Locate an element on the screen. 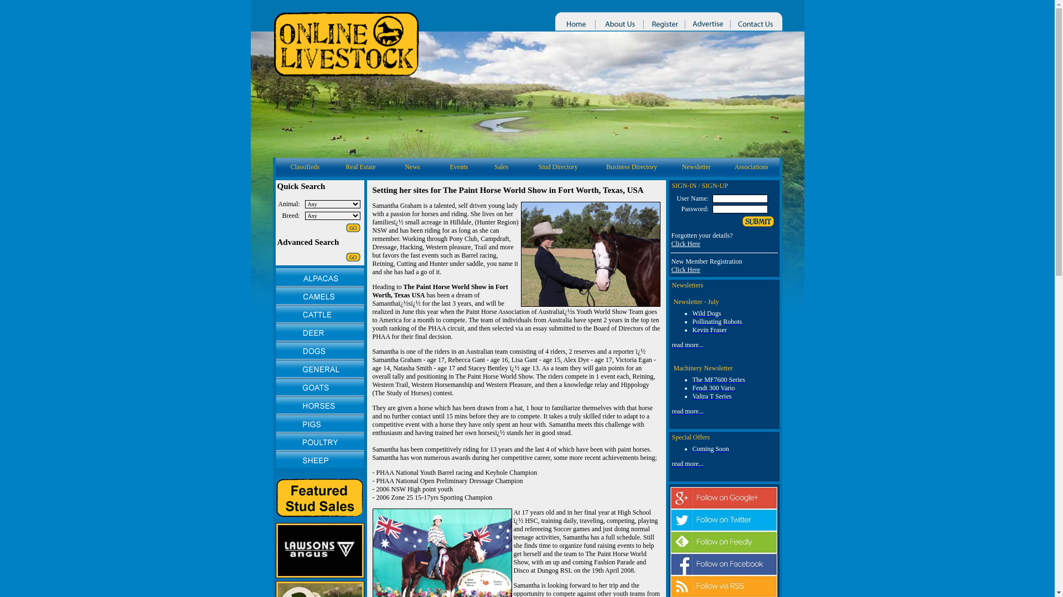 The image size is (1063, 597). 'Kevin Fraser' is located at coordinates (709, 329).